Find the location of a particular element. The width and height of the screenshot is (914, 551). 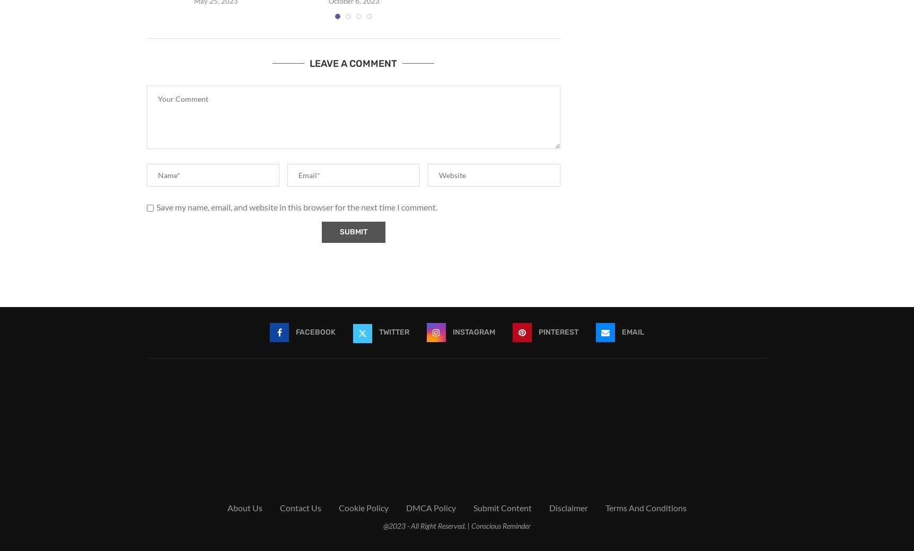

'Leave a Comment' is located at coordinates (353, 63).